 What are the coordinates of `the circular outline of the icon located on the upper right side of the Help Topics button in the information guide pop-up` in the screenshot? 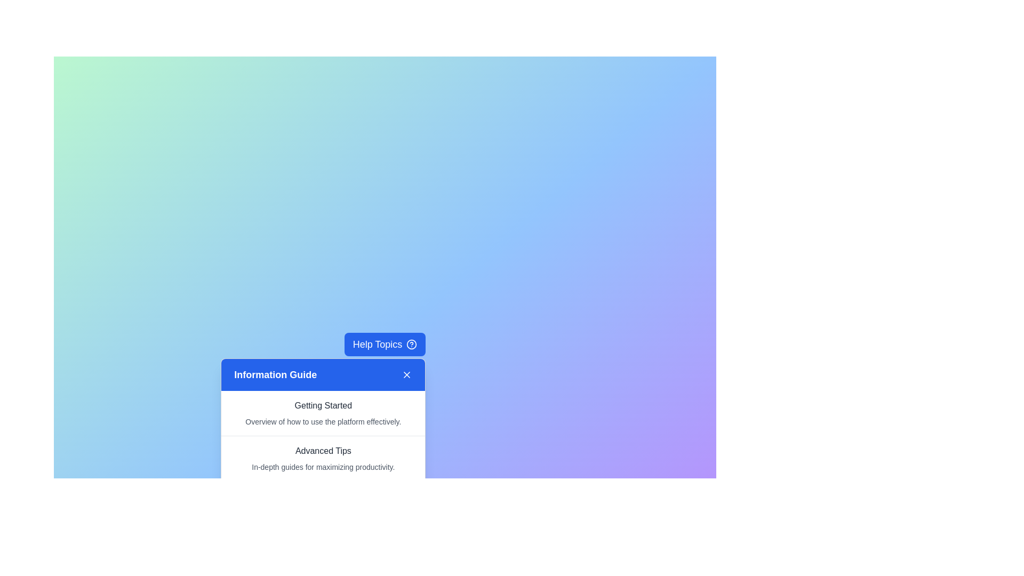 It's located at (411, 344).